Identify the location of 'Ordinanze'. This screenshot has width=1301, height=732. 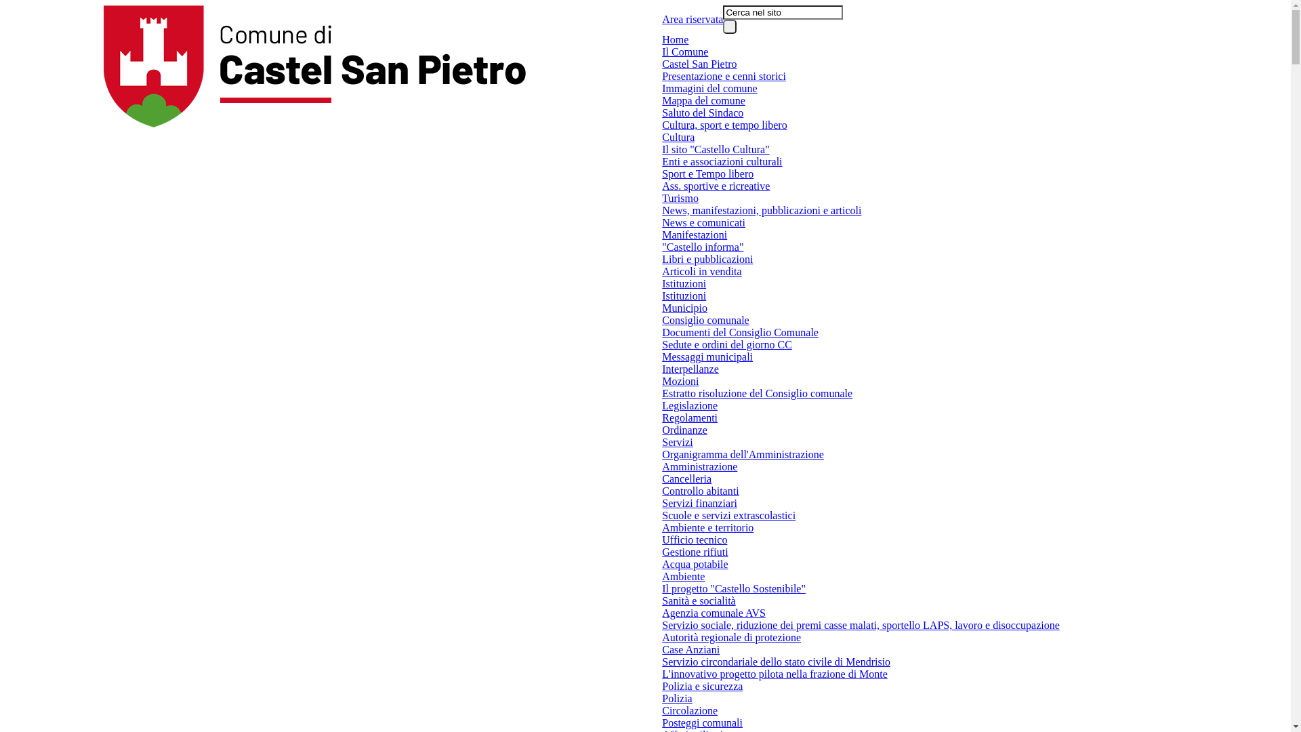
(684, 430).